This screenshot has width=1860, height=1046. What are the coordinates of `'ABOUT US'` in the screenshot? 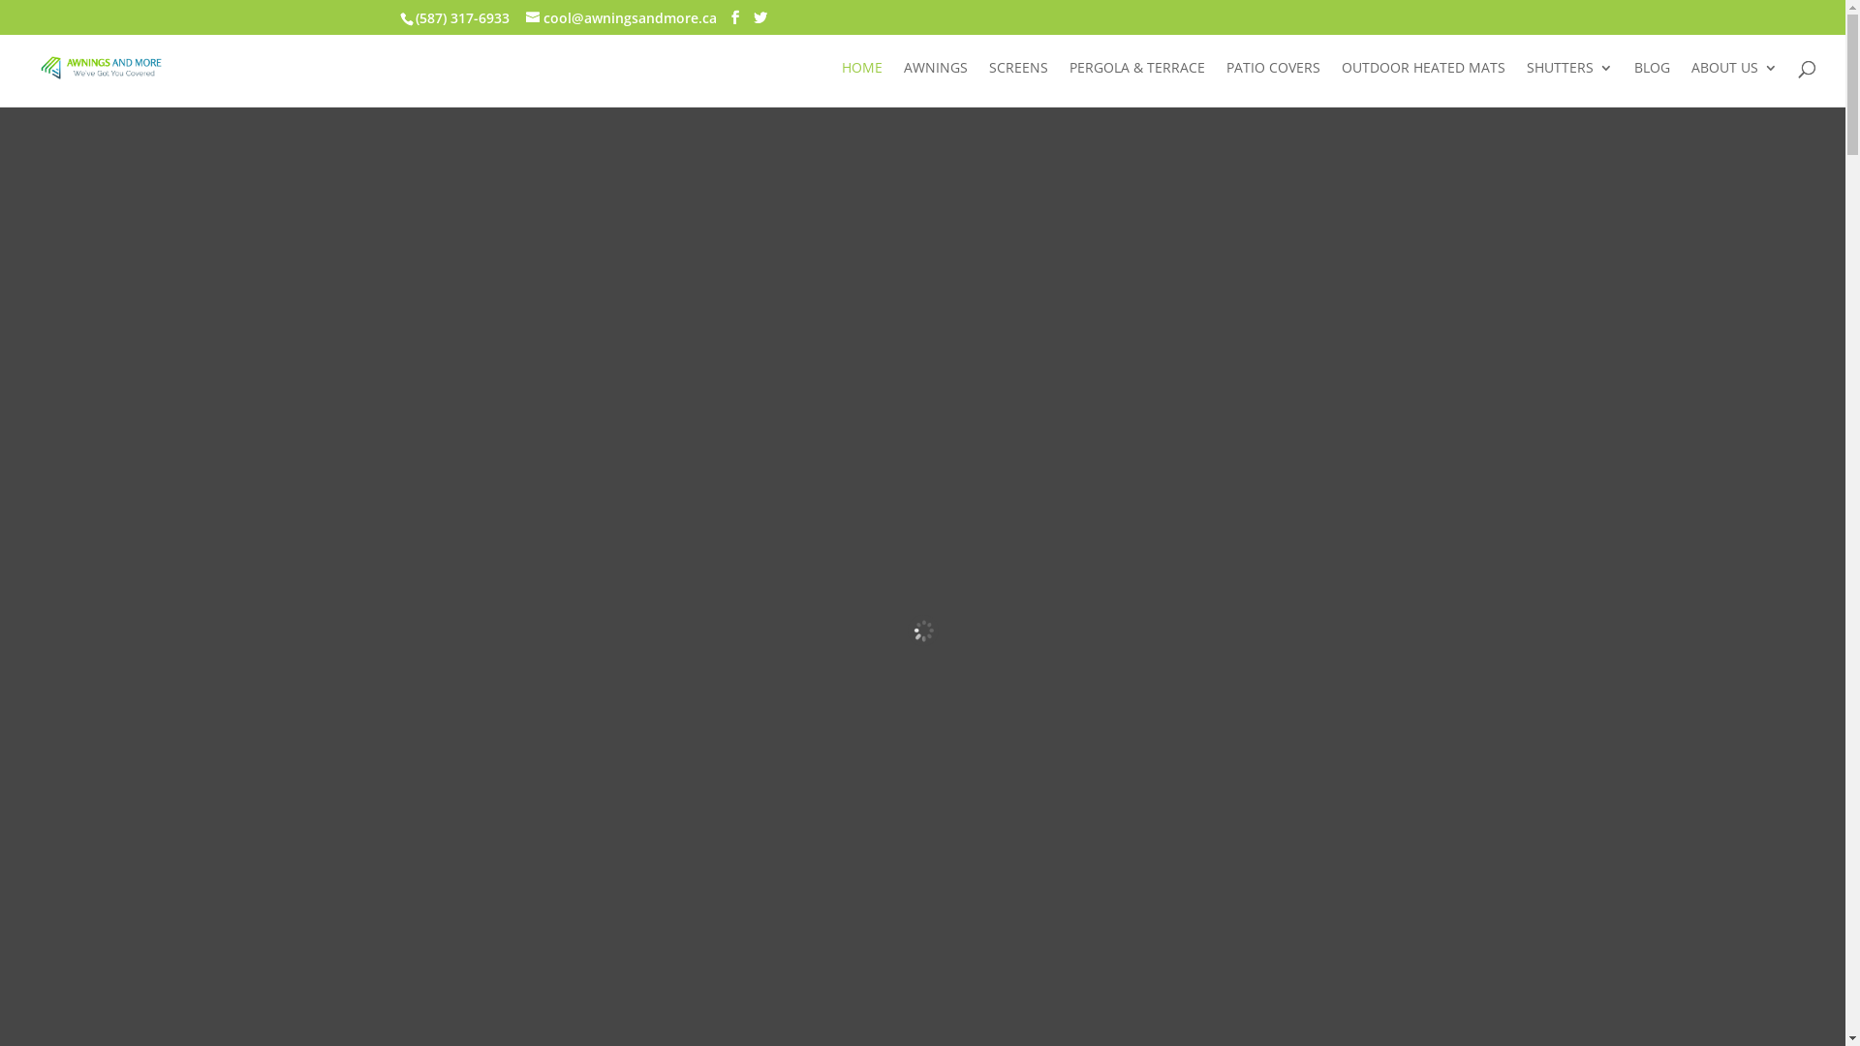 It's located at (1690, 82).